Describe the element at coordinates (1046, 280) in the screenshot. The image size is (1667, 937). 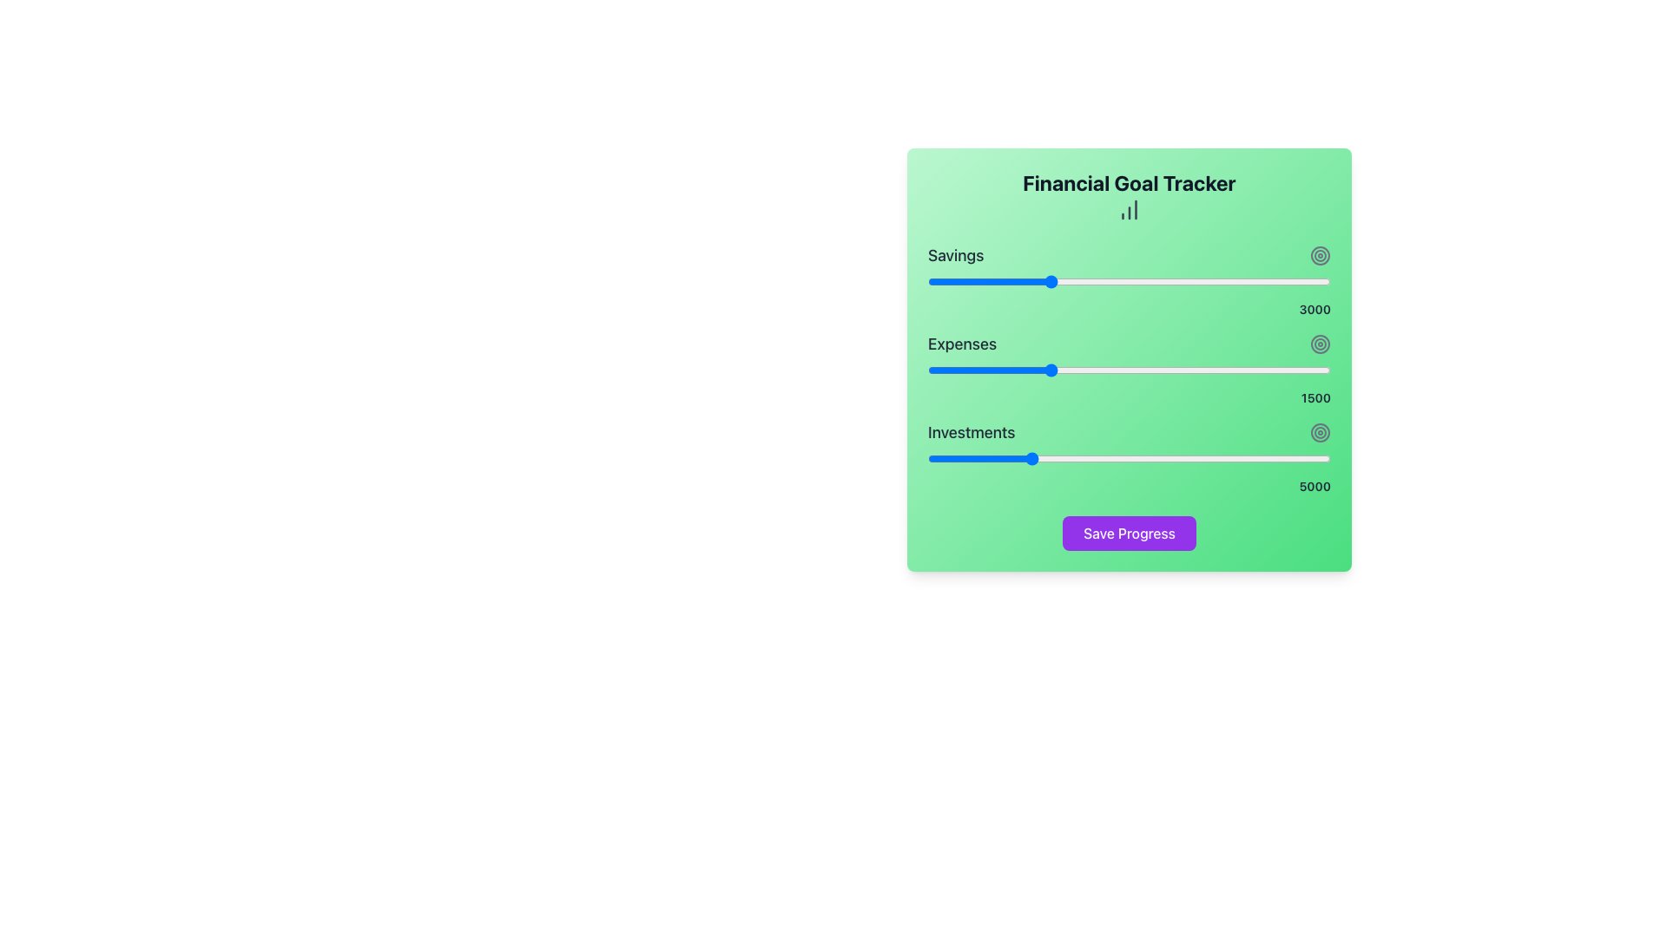
I see `the Savings slider` at that location.